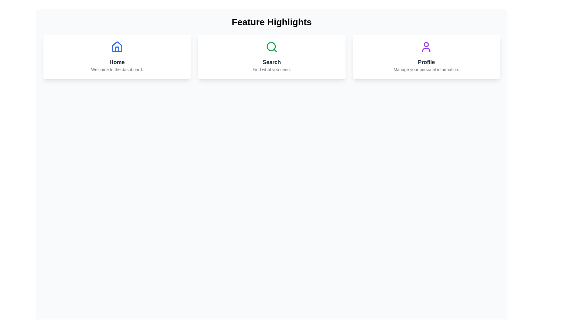 The width and height of the screenshot is (583, 328). I want to click on the upper circular part of the profile icon located in the last card under the 'Feature Highlights' section, so click(426, 44).